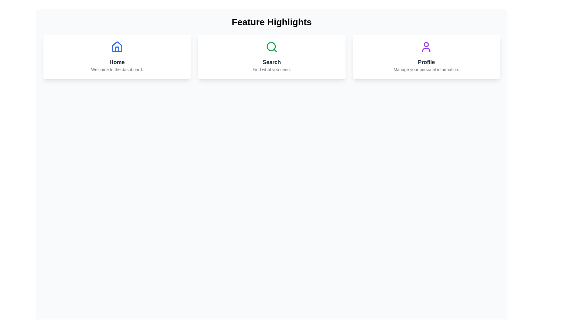 The width and height of the screenshot is (583, 328). I want to click on the upper circular part of the profile icon located in the last card under the 'Feature Highlights' section, so click(426, 44).